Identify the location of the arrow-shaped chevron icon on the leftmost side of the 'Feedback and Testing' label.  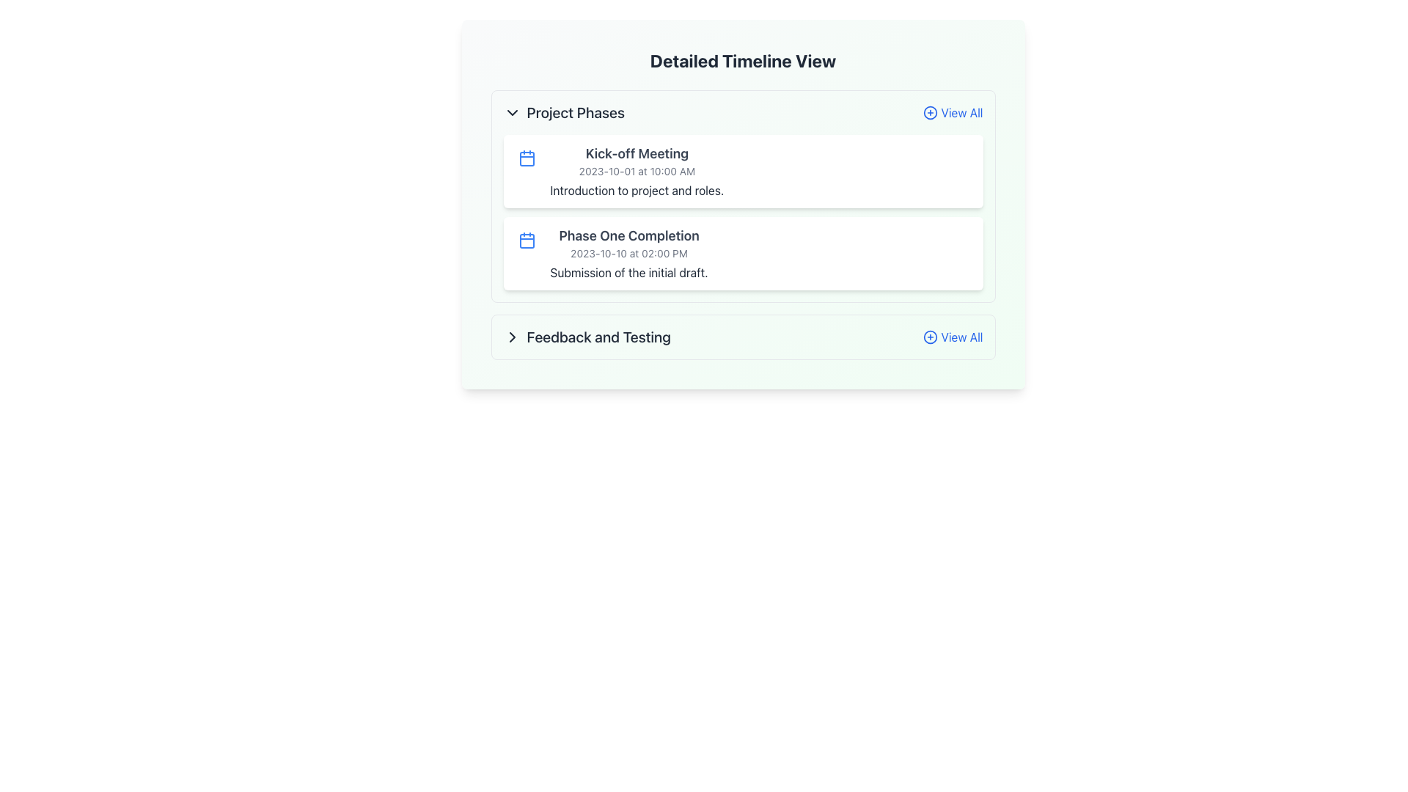
(512, 337).